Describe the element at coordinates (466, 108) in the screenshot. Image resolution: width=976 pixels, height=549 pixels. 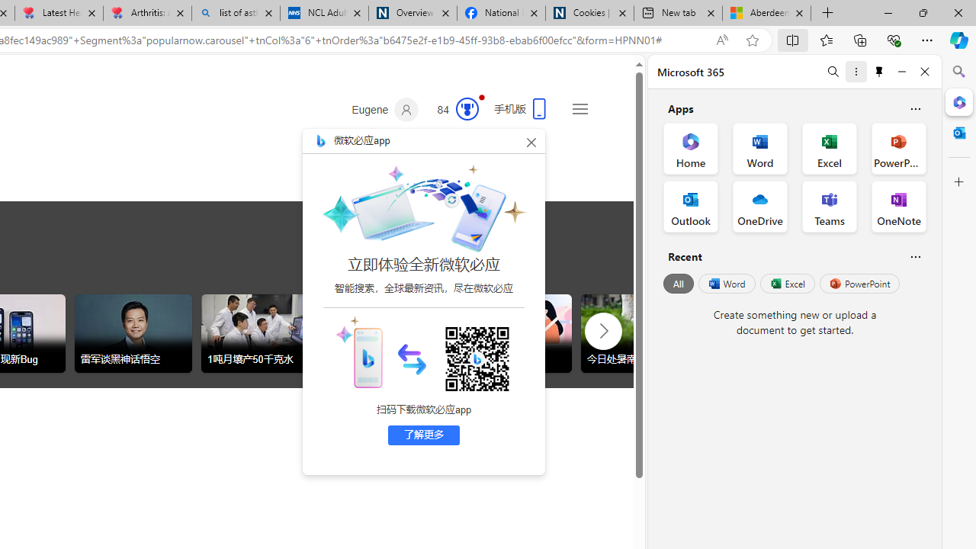
I see `'AutomationID: serp_medal_svg'` at that location.